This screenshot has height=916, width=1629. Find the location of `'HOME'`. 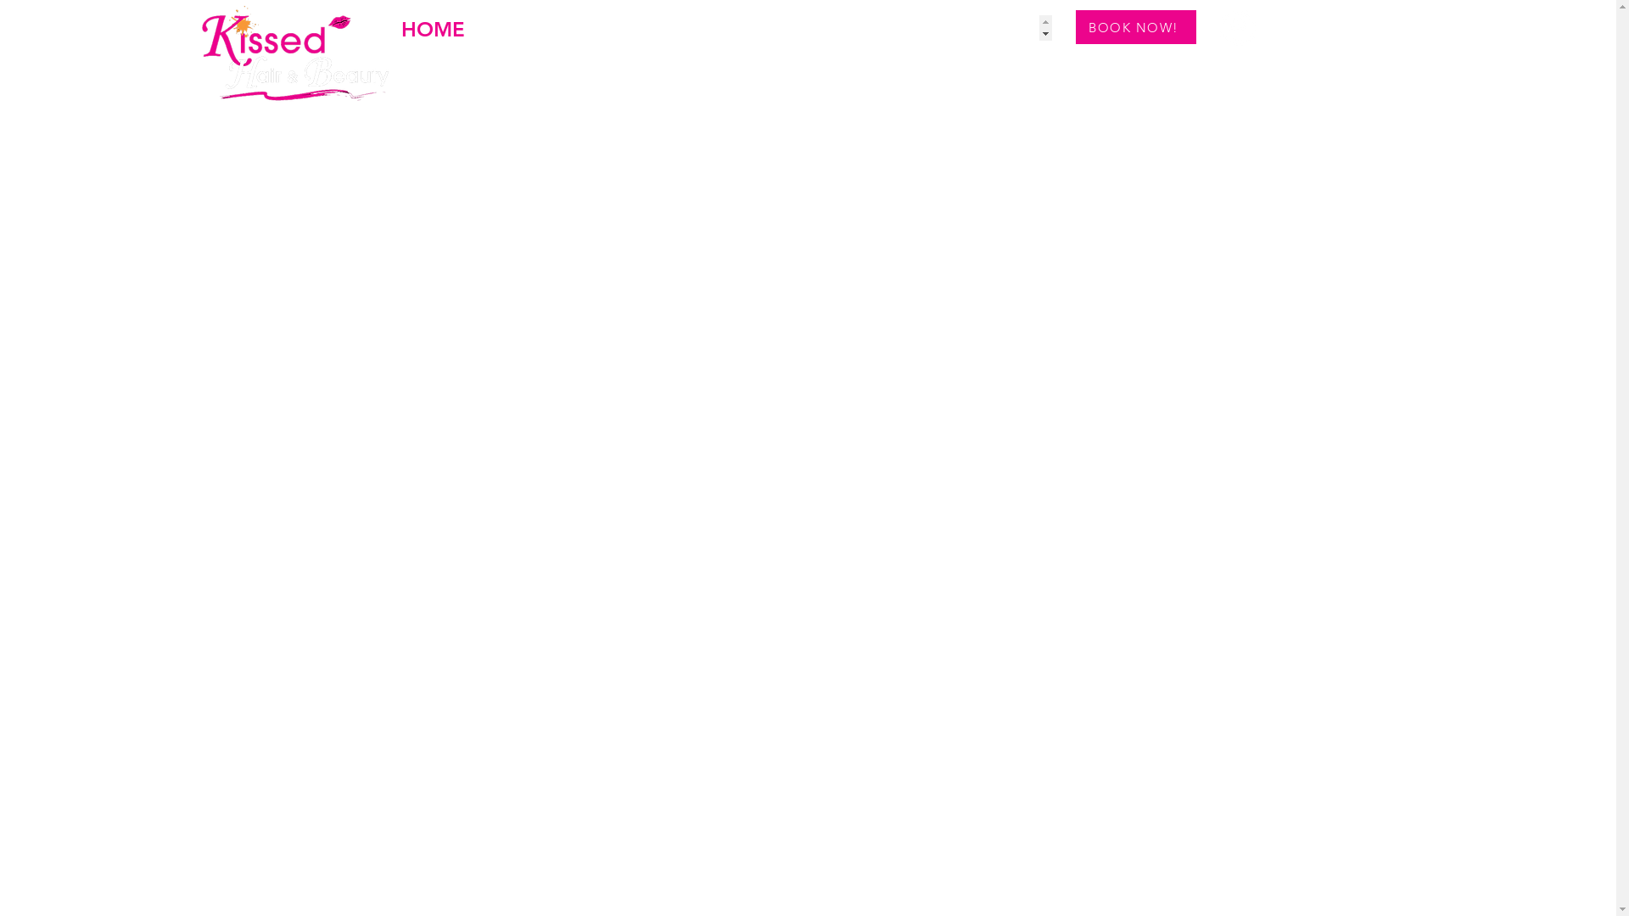

'HOME' is located at coordinates (432, 28).